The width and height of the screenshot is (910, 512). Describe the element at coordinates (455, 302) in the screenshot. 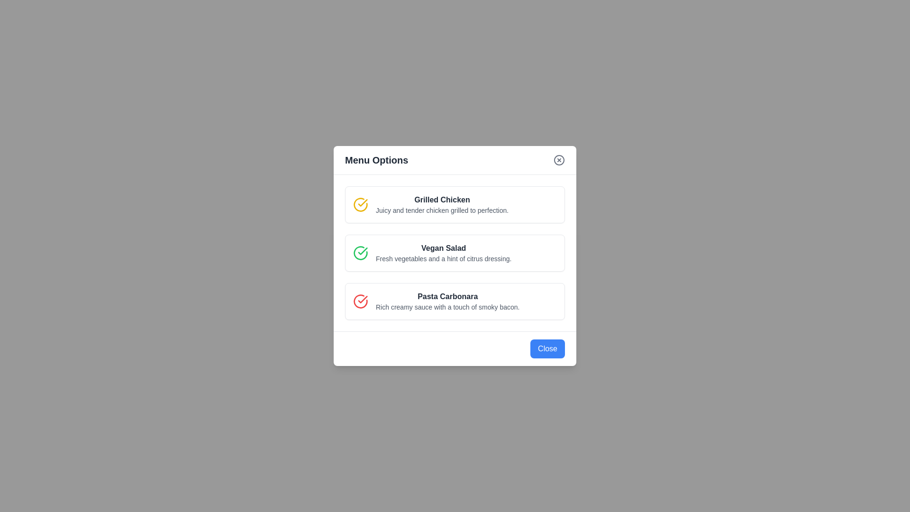

I see `the menu item Pasta Carbonara` at that location.